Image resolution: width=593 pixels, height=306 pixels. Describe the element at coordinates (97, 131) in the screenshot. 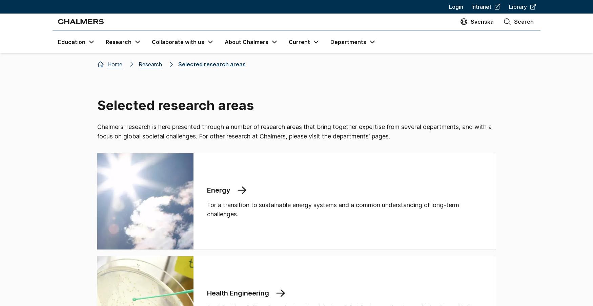

I see `'Chalmers' research is here presented through a number of research areas that bring together expertise from several departments, and with a focus on global societal challenges. For other research at Chalmers, please visit the departments' pages.'` at that location.